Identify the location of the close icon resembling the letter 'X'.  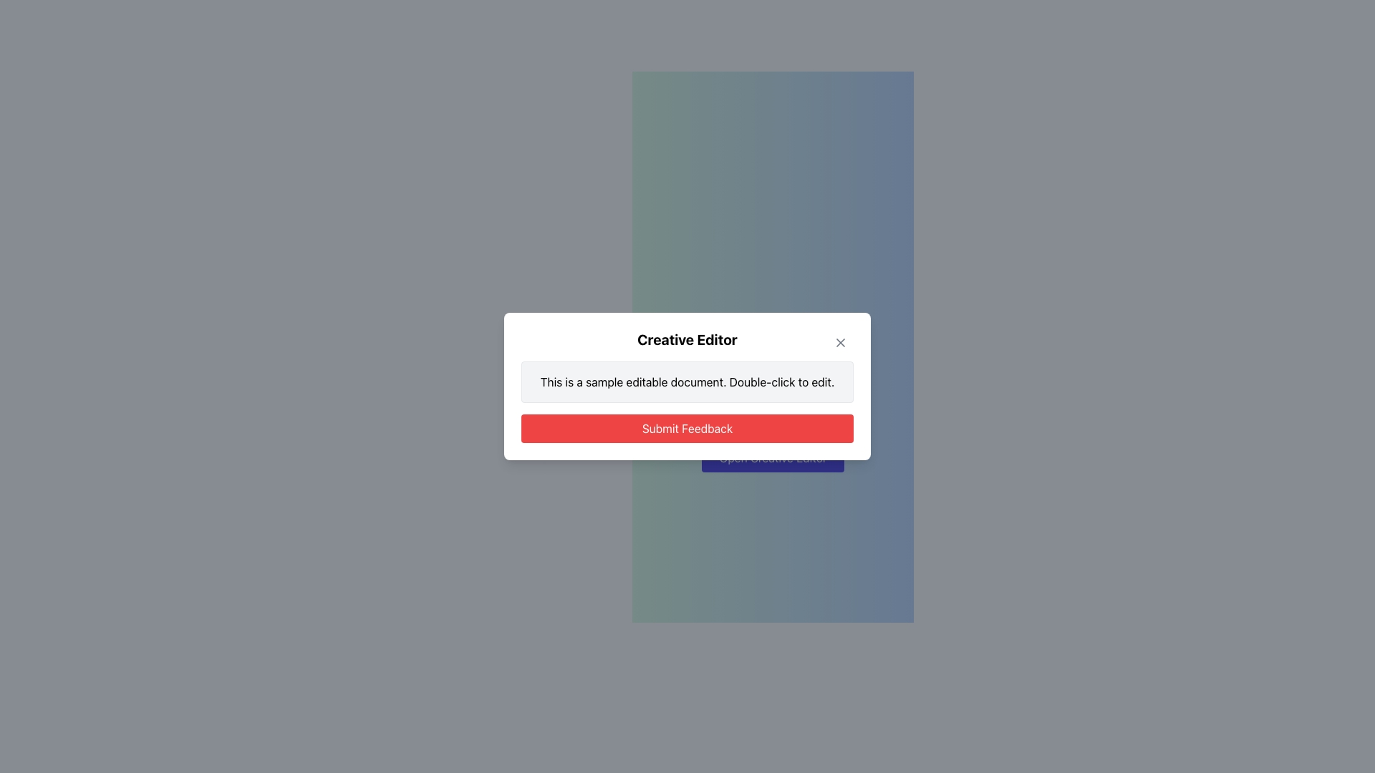
(841, 342).